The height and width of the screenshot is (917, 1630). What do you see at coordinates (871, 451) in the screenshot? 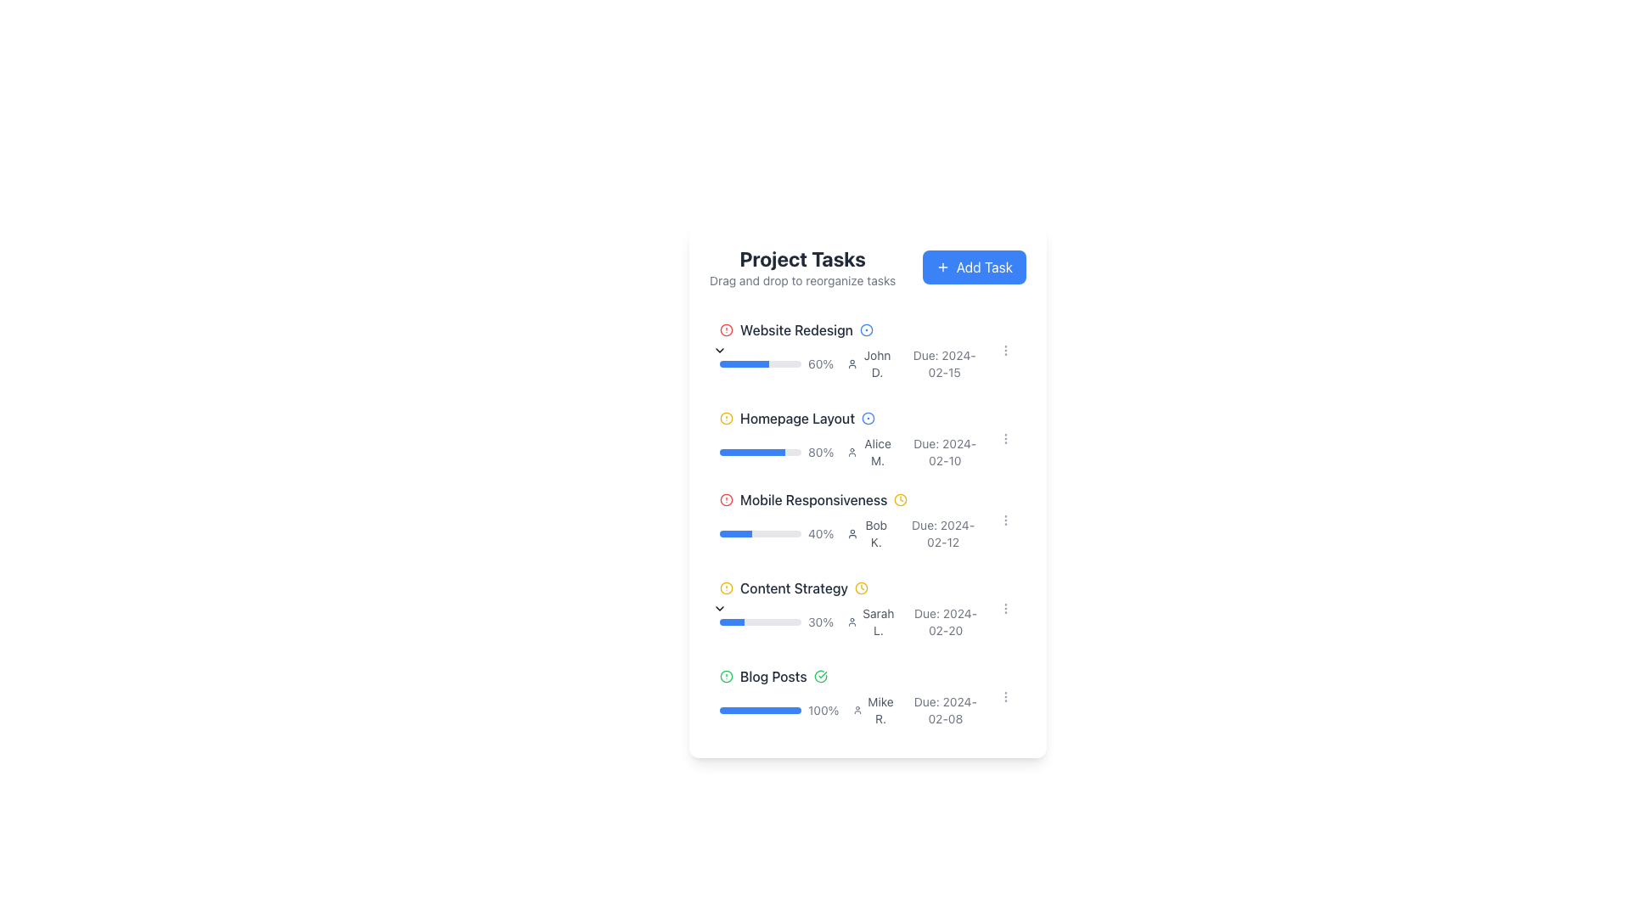
I see `the Label with an icon displaying the name of the person assigned to the task for the project element titled 'Homepage Layout', located to the right of the progress bar and below the task title` at bounding box center [871, 451].